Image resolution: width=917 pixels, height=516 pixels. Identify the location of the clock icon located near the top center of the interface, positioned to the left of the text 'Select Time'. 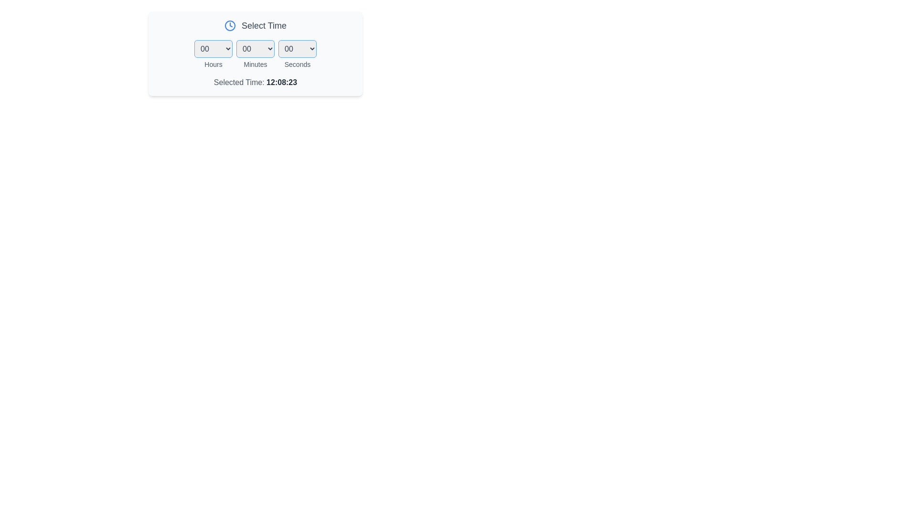
(230, 25).